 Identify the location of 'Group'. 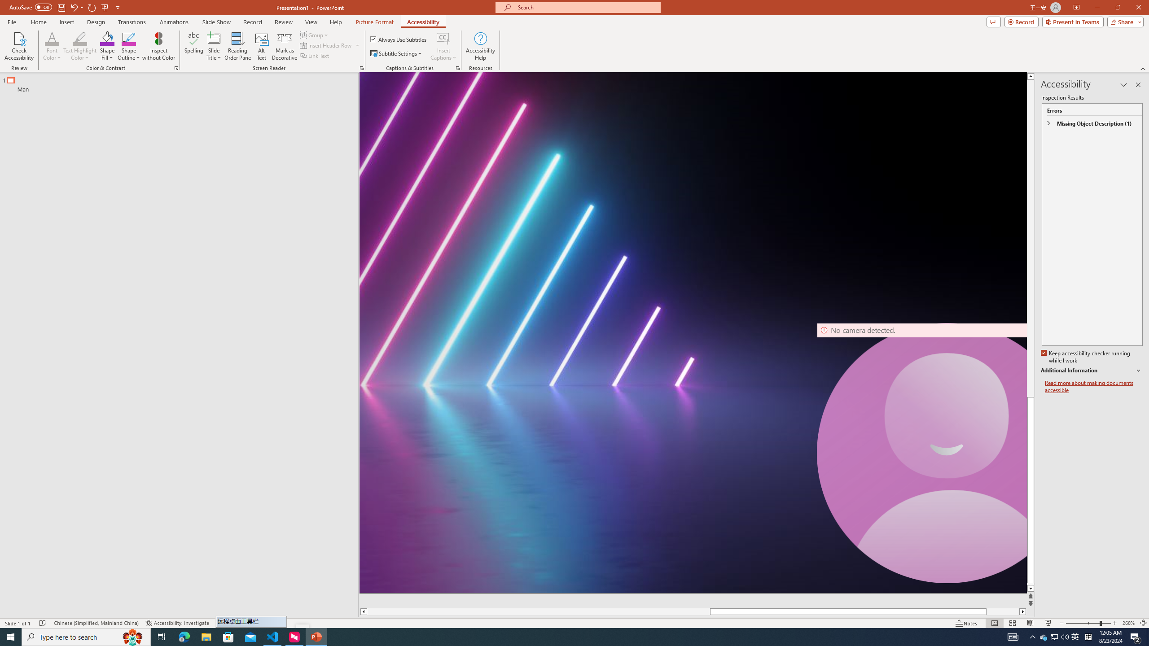
(315, 35).